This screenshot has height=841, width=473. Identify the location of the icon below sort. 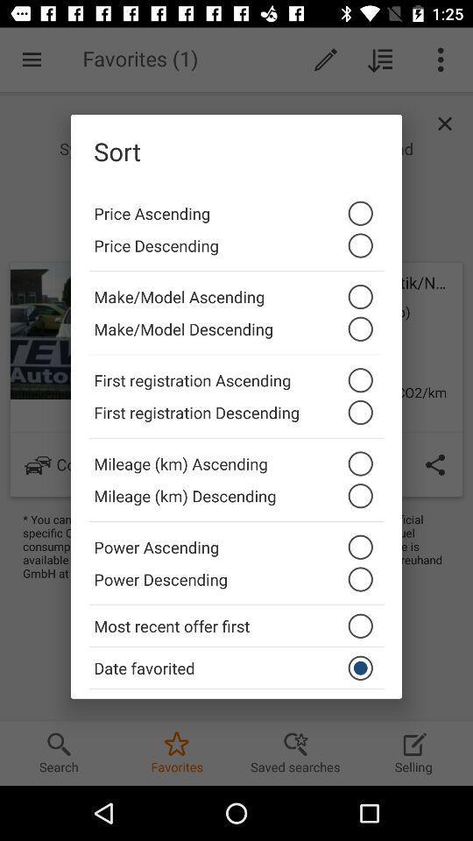
(236, 208).